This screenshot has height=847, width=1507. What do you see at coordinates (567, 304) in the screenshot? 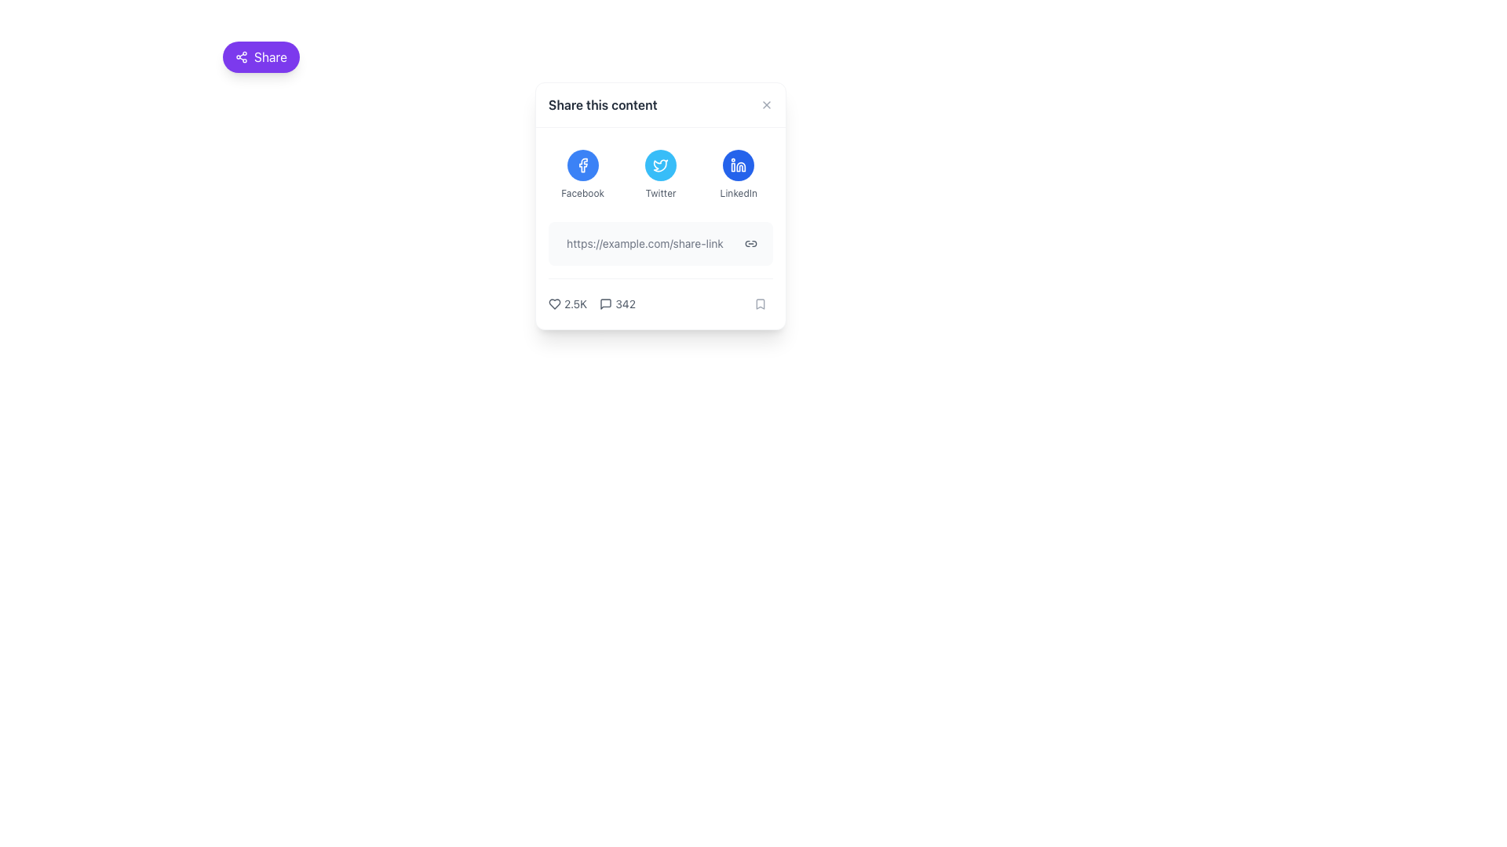
I see `the interactive text displaying the number of likes or favorites, located near the bottom-left of the sharing options panel` at bounding box center [567, 304].